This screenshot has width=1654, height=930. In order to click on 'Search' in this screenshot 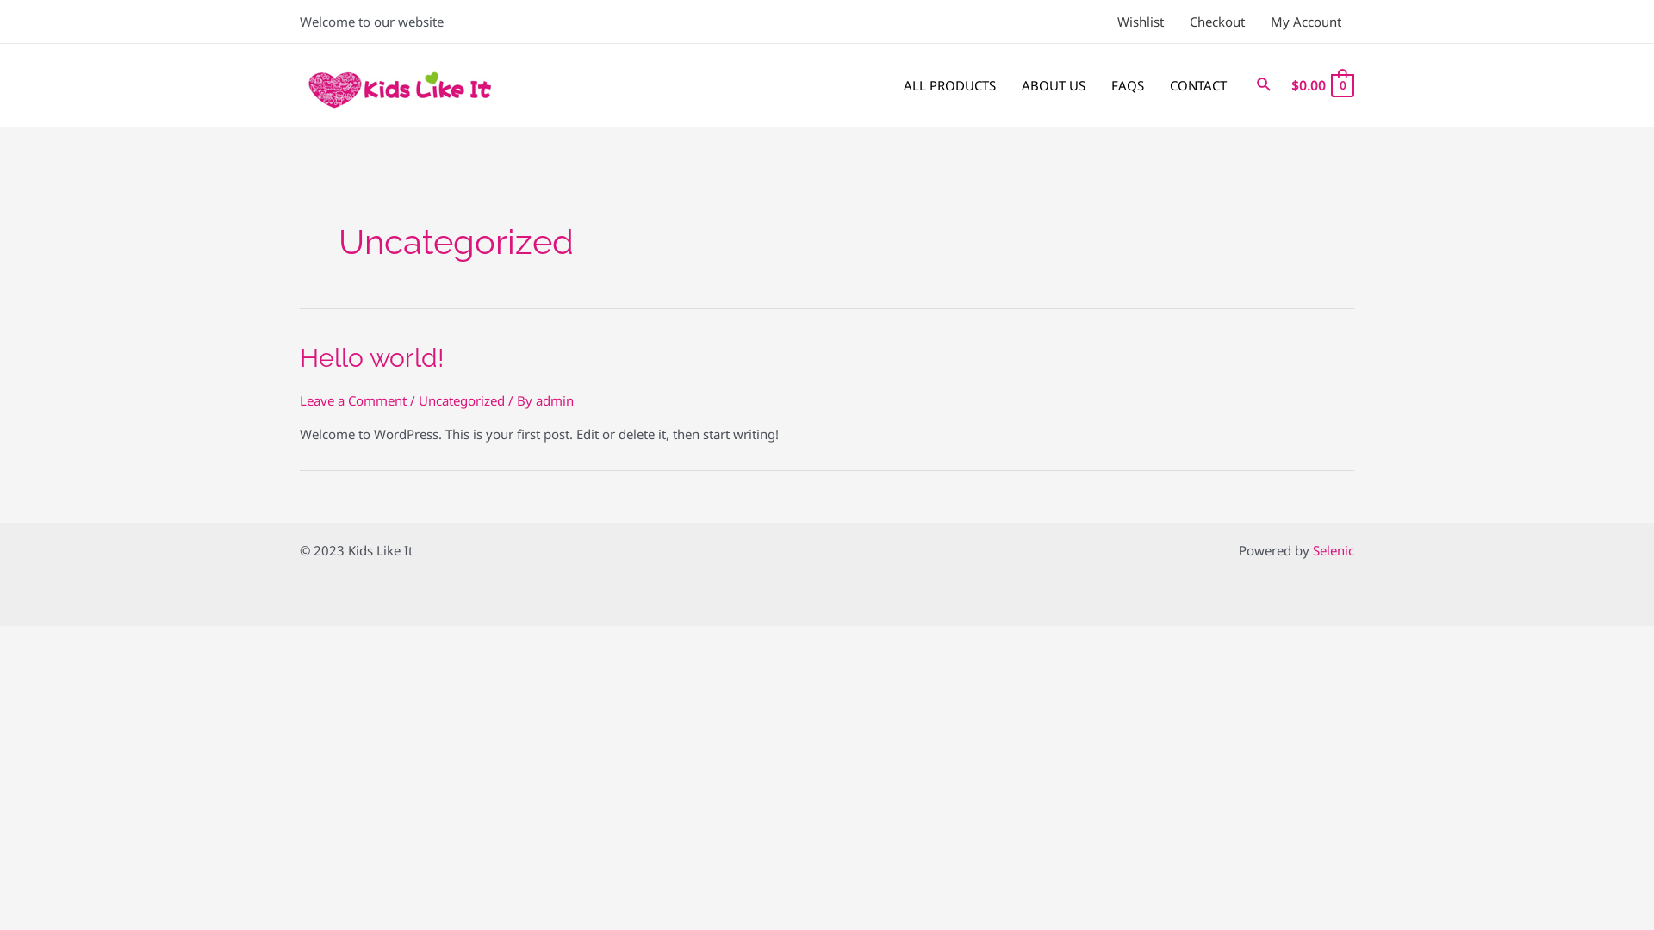, I will do `click(1265, 85)`.